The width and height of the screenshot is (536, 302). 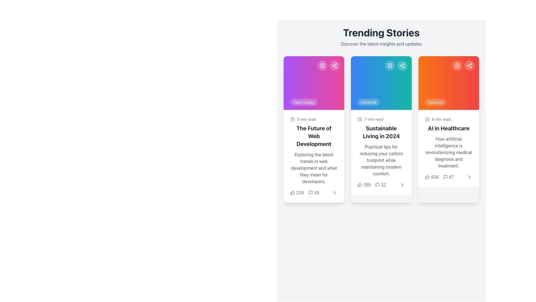 What do you see at coordinates (445, 177) in the screenshot?
I see `the comment icon located in the bottom-right corner of the 'AI in Healthcare' card` at bounding box center [445, 177].